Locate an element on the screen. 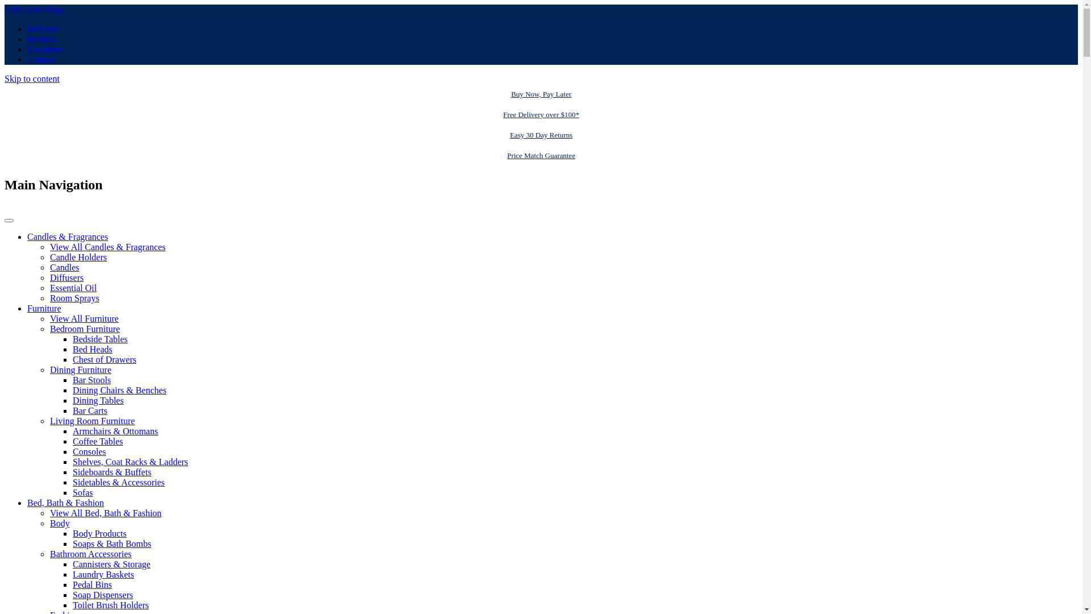 The width and height of the screenshot is (1091, 614). 'Consoles' is located at coordinates (89, 451).